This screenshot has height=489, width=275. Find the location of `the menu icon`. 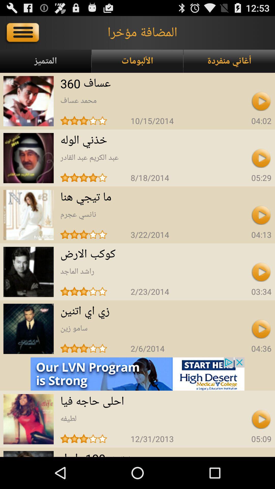

the menu icon is located at coordinates (23, 35).